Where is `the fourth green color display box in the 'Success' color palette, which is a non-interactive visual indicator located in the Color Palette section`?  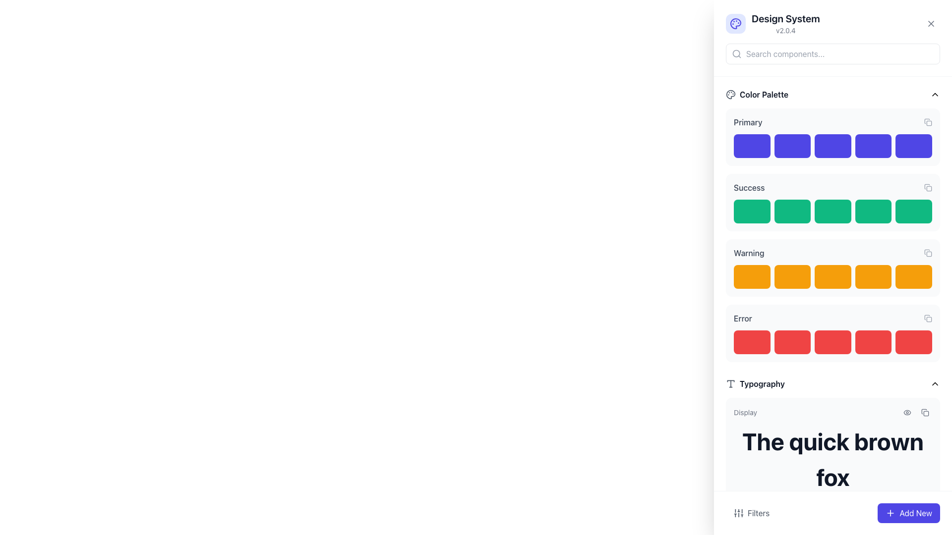 the fourth green color display box in the 'Success' color palette, which is a non-interactive visual indicator located in the Color Palette section is located at coordinates (873, 211).